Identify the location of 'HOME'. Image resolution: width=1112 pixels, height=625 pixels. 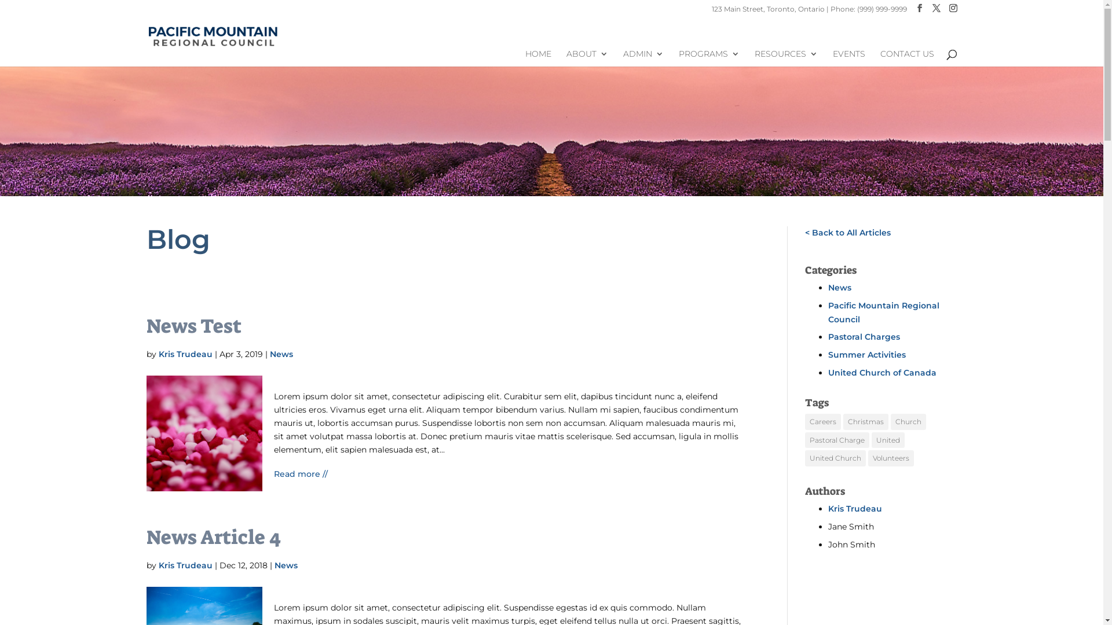
(537, 58).